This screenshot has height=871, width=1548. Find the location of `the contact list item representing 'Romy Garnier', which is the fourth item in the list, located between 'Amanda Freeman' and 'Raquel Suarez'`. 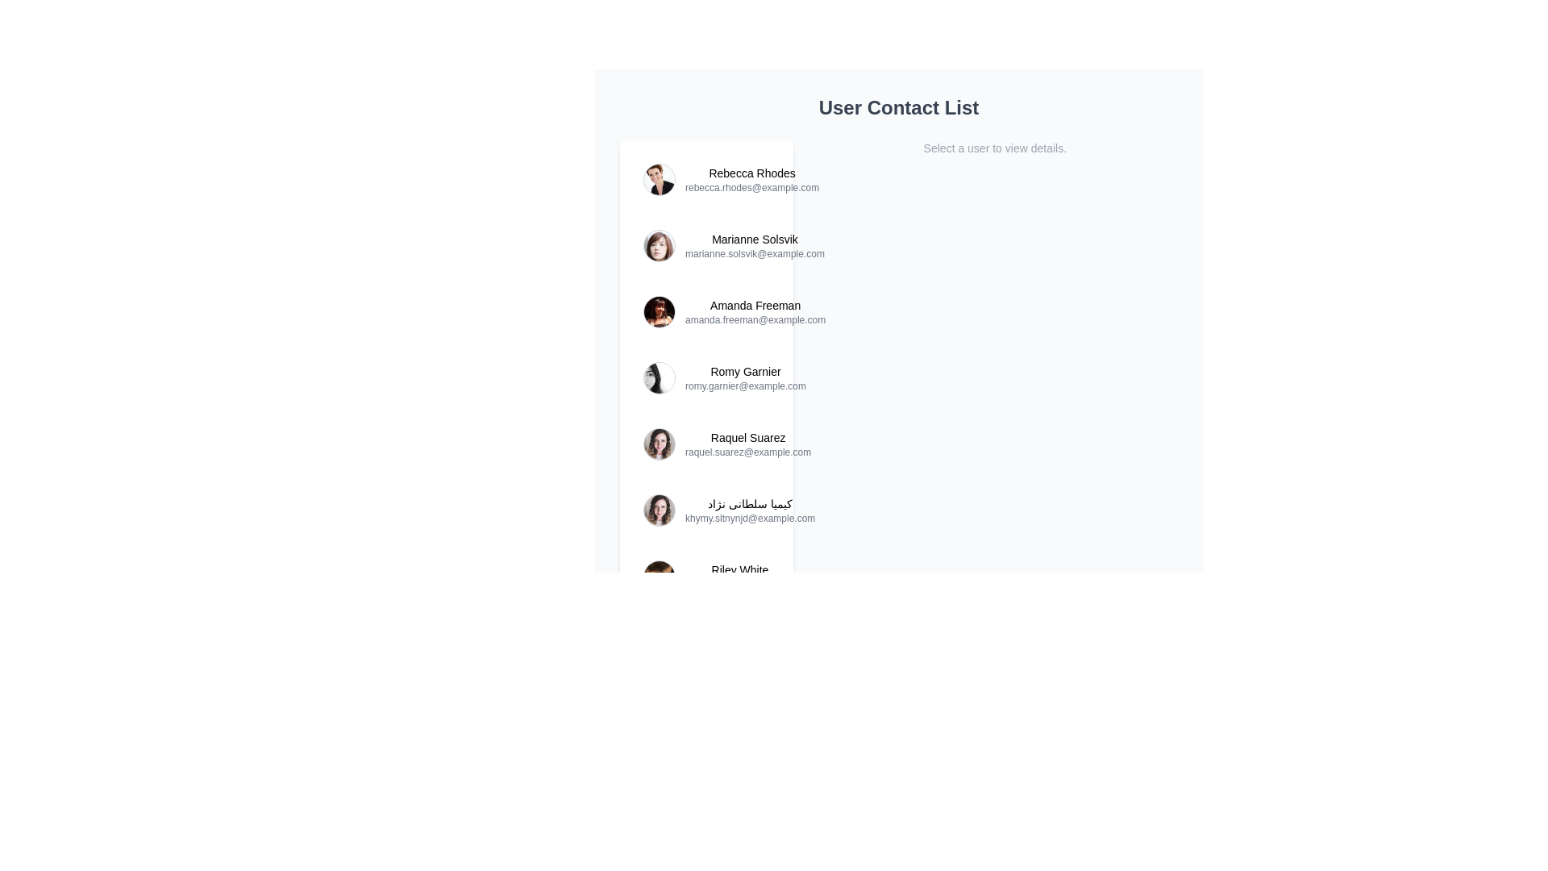

the contact list item representing 'Romy Garnier', which is the fourth item in the list, located between 'Amanda Freeman' and 'Raquel Suarez' is located at coordinates (706, 378).